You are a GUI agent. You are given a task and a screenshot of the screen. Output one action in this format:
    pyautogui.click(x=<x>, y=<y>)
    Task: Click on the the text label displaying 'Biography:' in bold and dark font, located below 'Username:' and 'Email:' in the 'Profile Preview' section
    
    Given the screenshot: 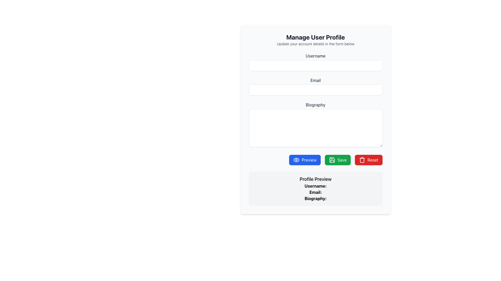 What is the action you would take?
    pyautogui.click(x=315, y=199)
    